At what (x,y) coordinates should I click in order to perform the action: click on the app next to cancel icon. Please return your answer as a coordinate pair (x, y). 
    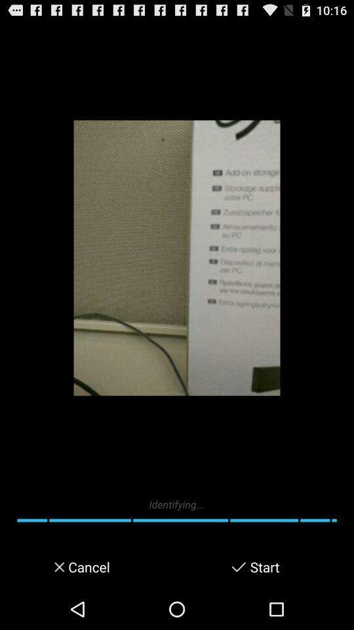
    Looking at the image, I should click on (238, 566).